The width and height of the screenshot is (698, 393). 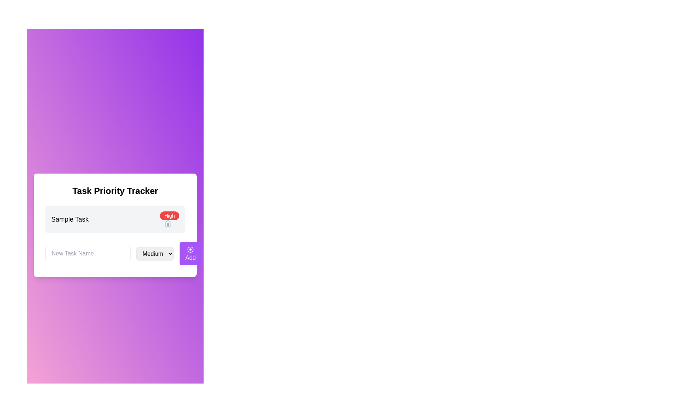 What do you see at coordinates (87, 253) in the screenshot?
I see `the text input field with placeholder text 'New Task Name'` at bounding box center [87, 253].